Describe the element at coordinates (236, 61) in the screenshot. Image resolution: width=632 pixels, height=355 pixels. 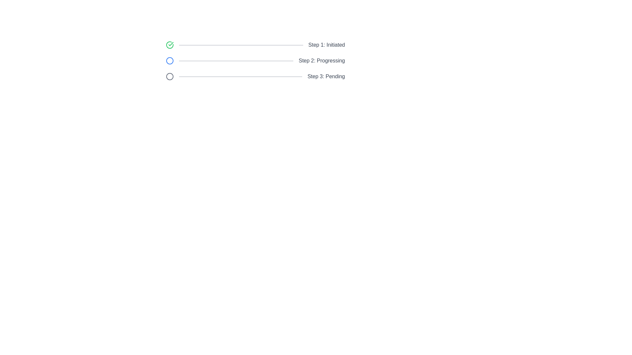
I see `the Separator Line that visually connects the step's indicator icon to its name, positioned between the blue circle on the left and descriptive text on the right for 'Step 2: Progressing'` at that location.